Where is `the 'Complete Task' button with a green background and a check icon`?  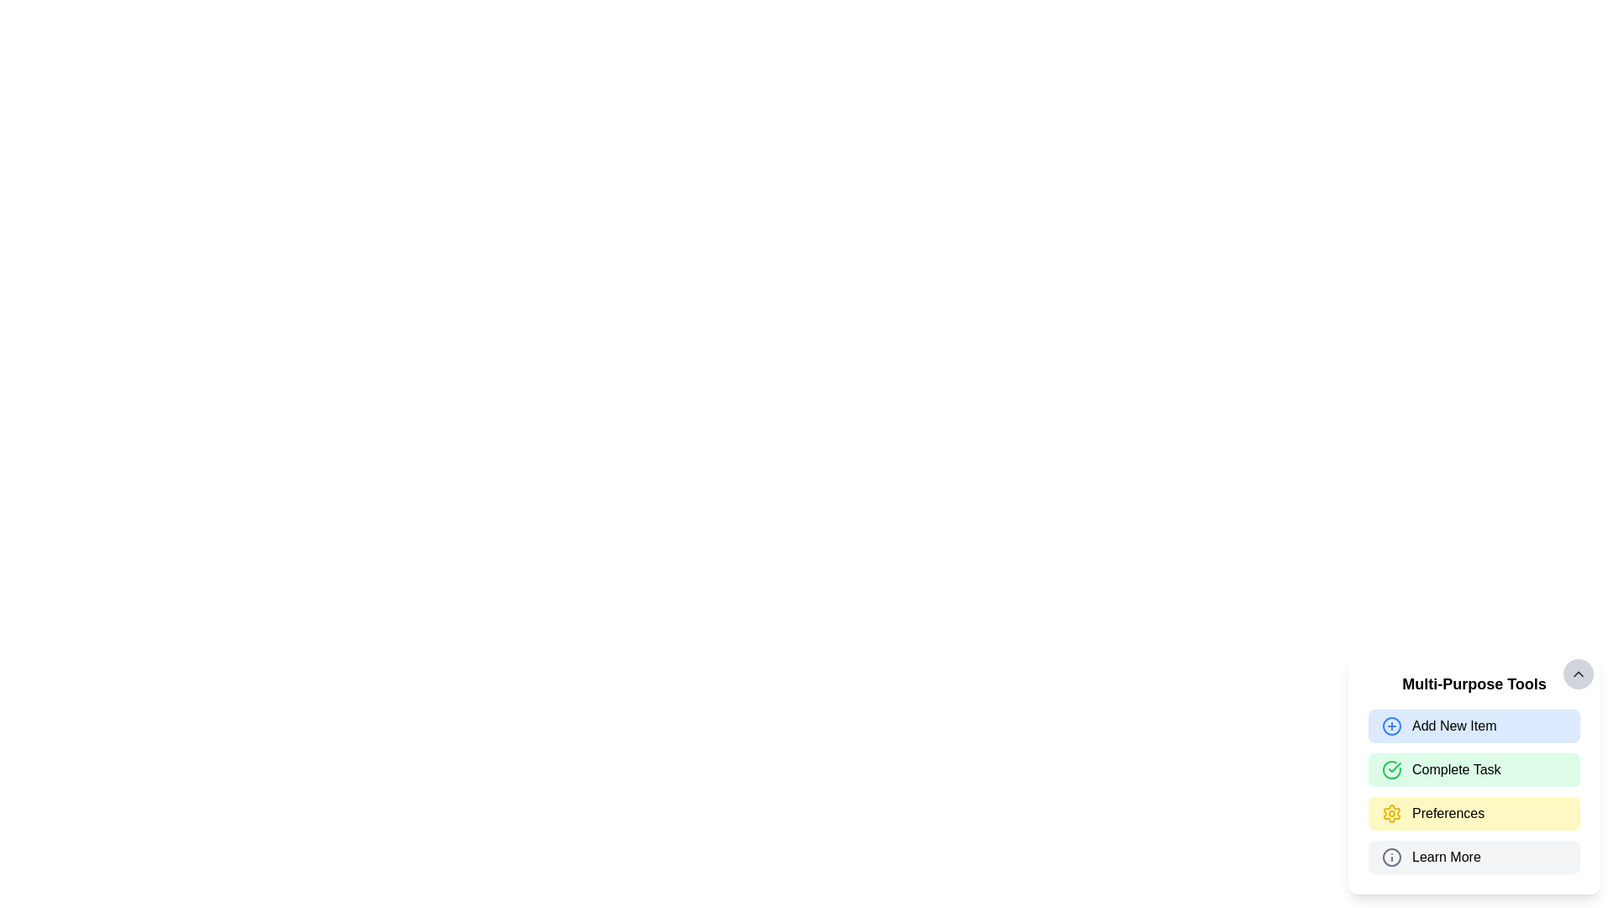
the 'Complete Task' button with a green background and a check icon is located at coordinates (1473, 769).